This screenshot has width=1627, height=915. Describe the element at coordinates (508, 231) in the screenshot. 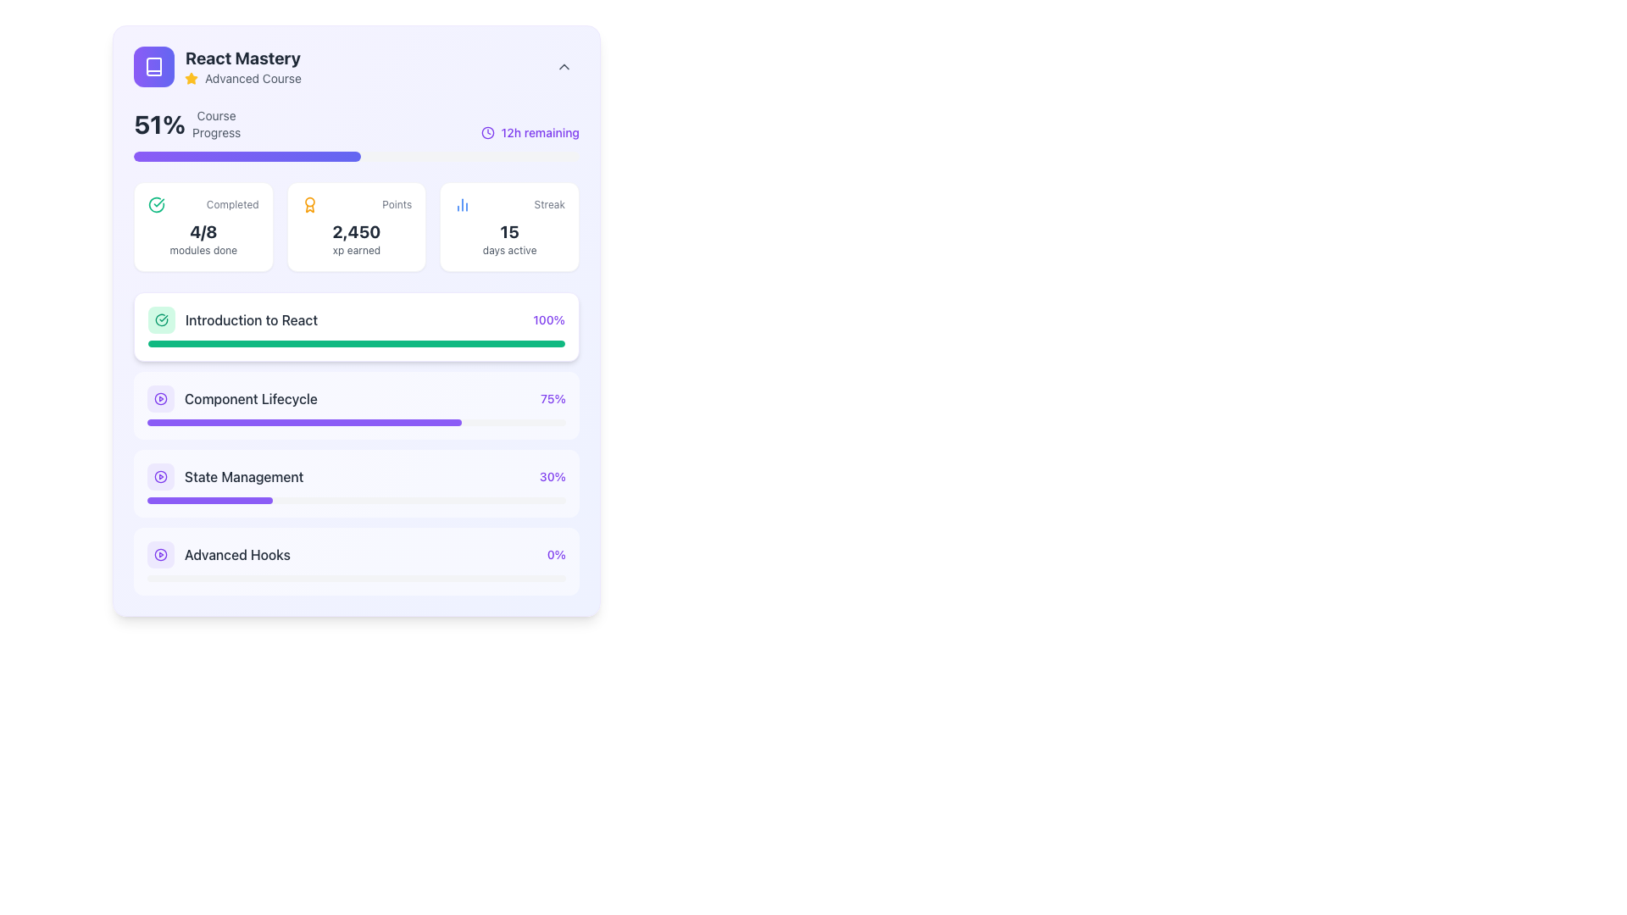

I see `numeric value displayed in the text label that indicates the active streak in days, specifically the '15' above the 'days active' text in the 'Streak' card` at that location.